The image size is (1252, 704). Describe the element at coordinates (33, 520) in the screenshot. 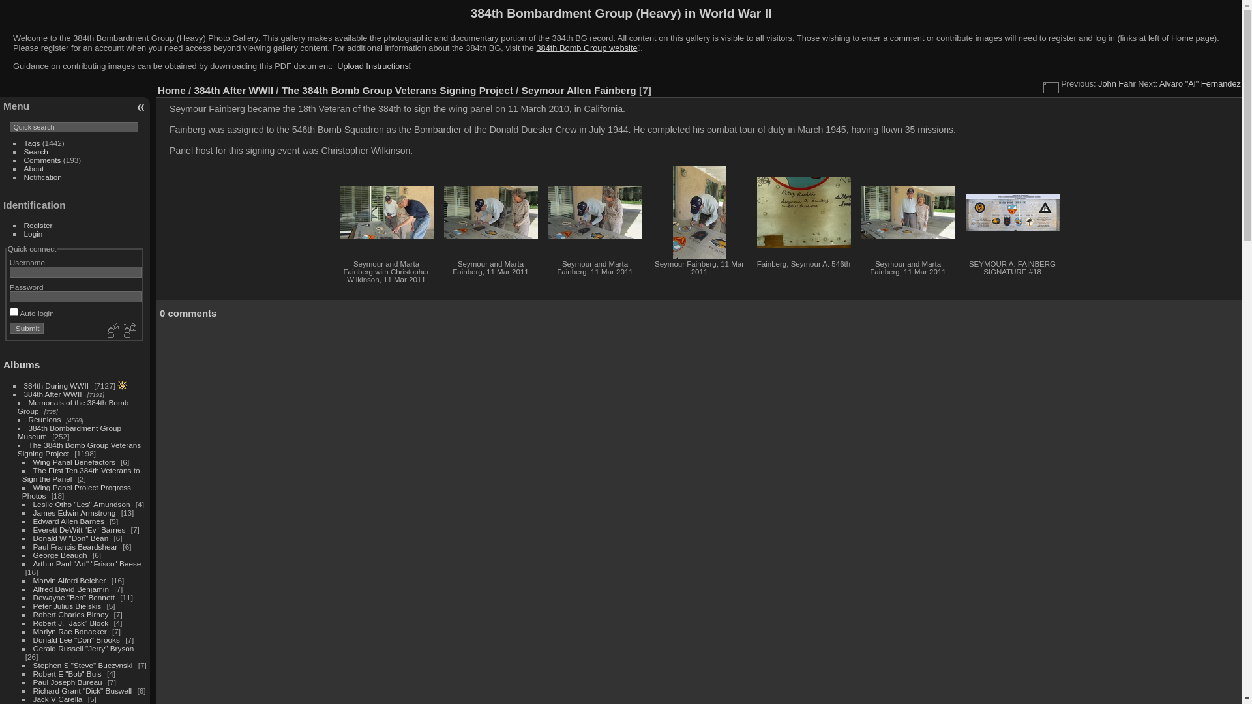

I see `'Edward Allen Barnes'` at that location.